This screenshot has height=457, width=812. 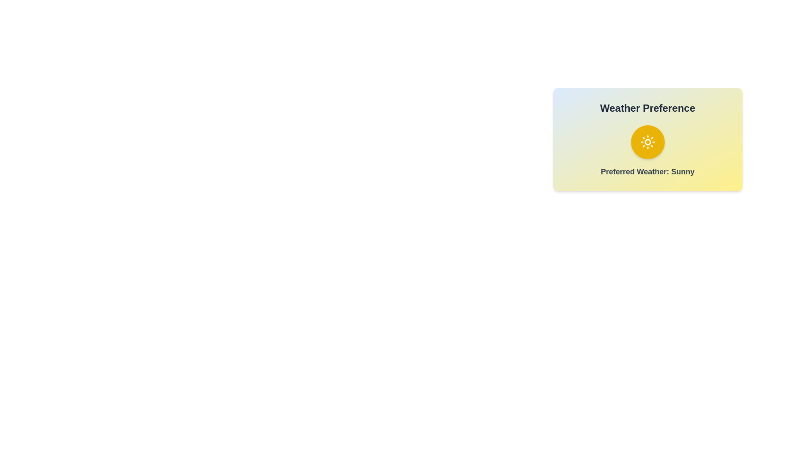 What do you see at coordinates (647, 141) in the screenshot?
I see `the weather toggle button to change the weather preference` at bounding box center [647, 141].